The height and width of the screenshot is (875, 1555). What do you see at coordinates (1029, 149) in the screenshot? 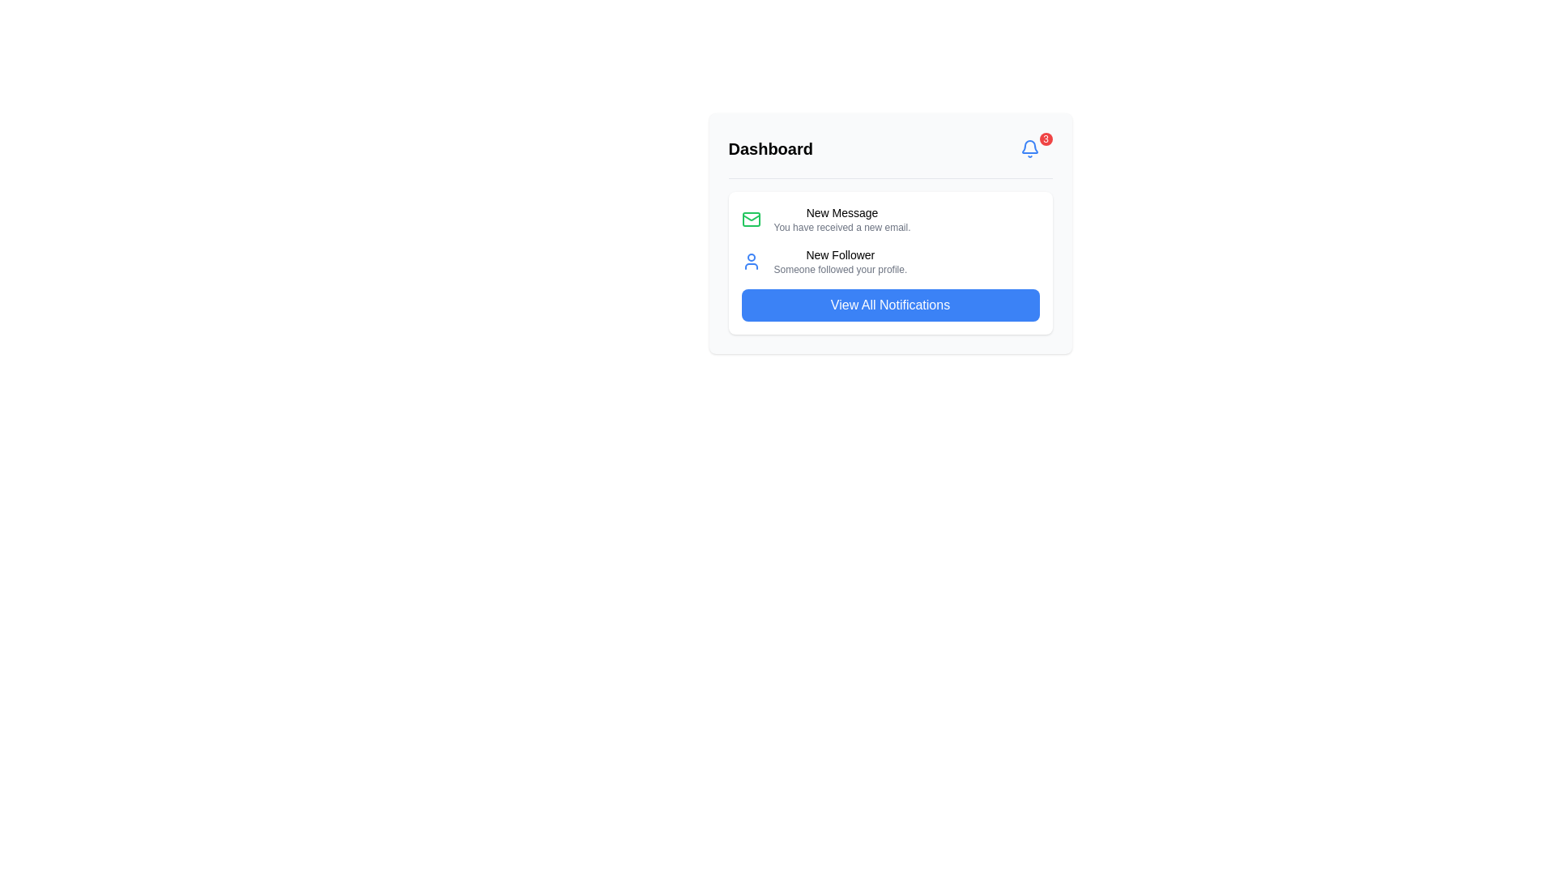
I see `the bell notification icon using tab navigation, located in the top-right corner of the interface next to the 'Dashboard' title` at bounding box center [1029, 149].